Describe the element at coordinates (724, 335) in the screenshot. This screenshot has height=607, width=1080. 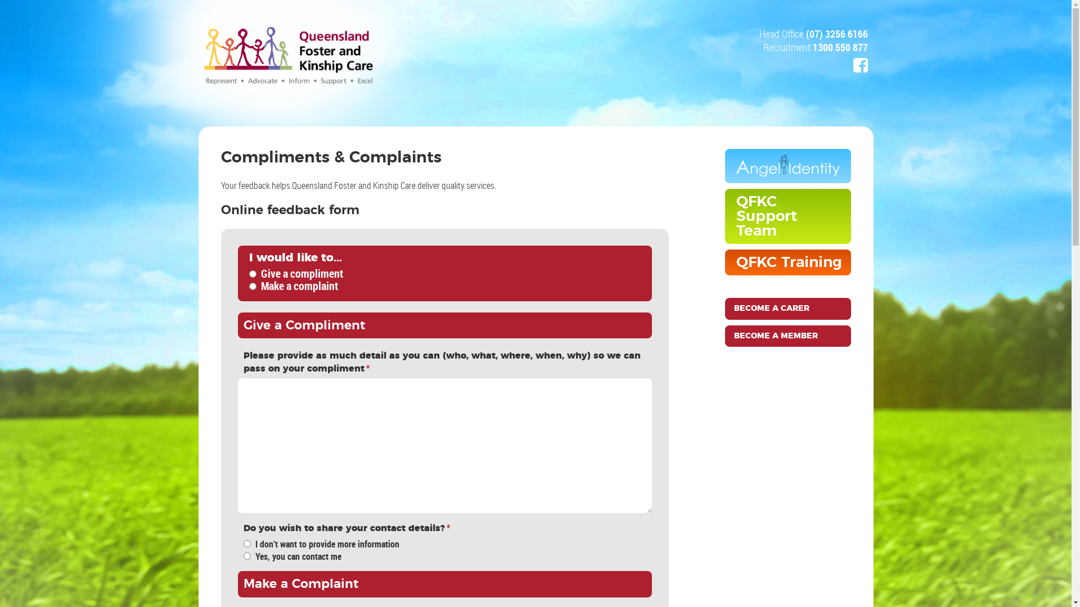
I see `'BECOME A MEMBER'` at that location.